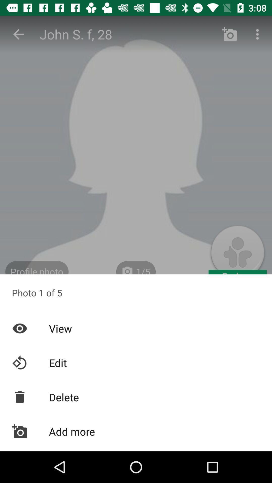 The image size is (272, 483). What do you see at coordinates (136, 363) in the screenshot?
I see `icon above delete item` at bounding box center [136, 363].